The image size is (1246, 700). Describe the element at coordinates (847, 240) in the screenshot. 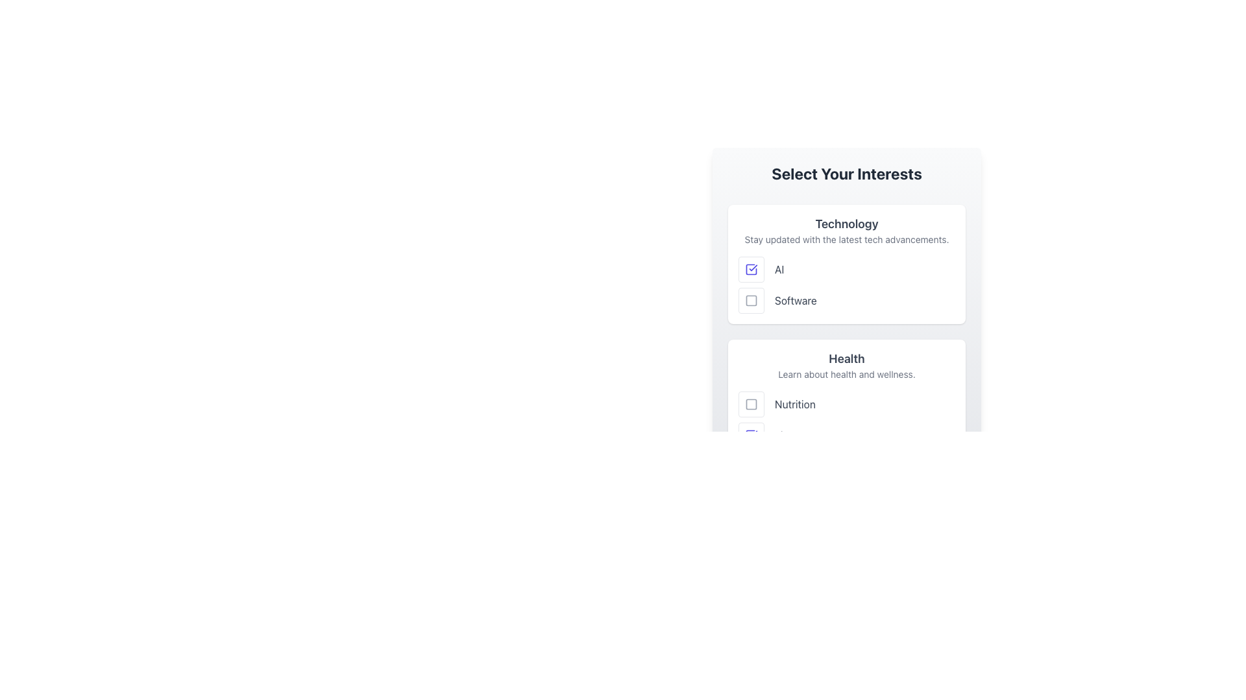

I see `the text label that reads 'Stay updated with the latest tech advancements.', which is positioned below the heading 'Technology' and above the options 'AI' and 'Software'` at that location.